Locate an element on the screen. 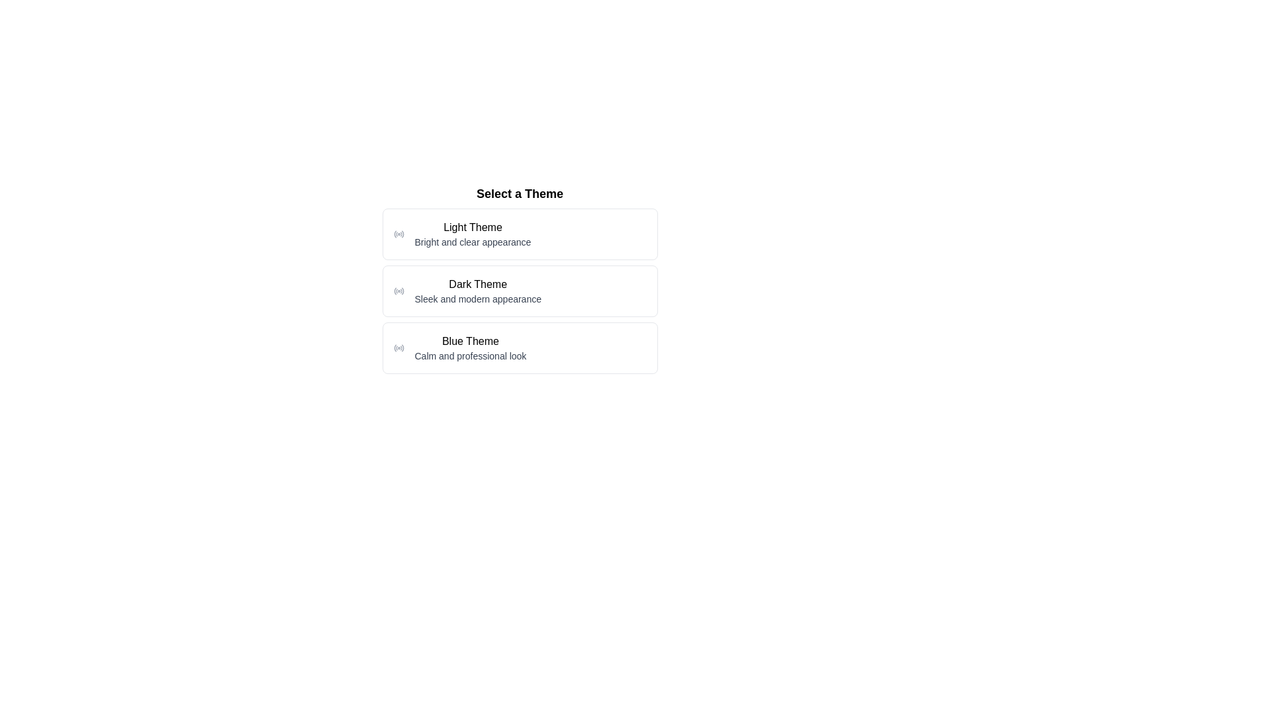 The image size is (1271, 715). the 'Light Theme' descriptive text element that introduces its bright and clear appearance, which is the first item in the theme selection interface is located at coordinates (473, 234).